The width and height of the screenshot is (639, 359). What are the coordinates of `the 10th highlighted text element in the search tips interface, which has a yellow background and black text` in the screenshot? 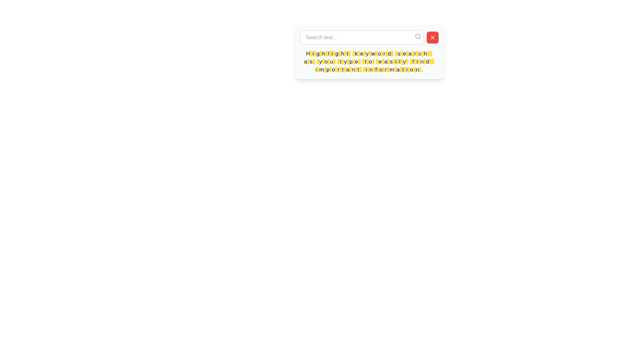 It's located at (353, 61).